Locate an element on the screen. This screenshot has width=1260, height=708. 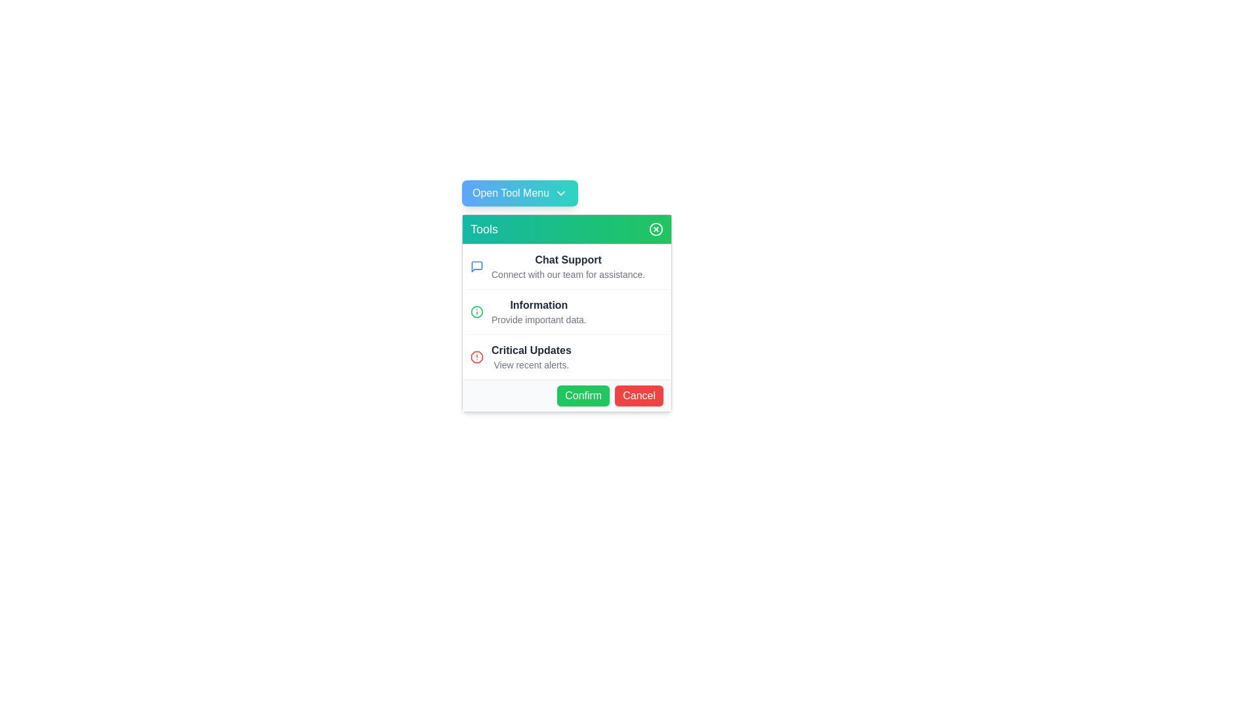
the icon located at the leftmost side of the 'Information' menu item within the 'Tools' section is located at coordinates (476, 311).